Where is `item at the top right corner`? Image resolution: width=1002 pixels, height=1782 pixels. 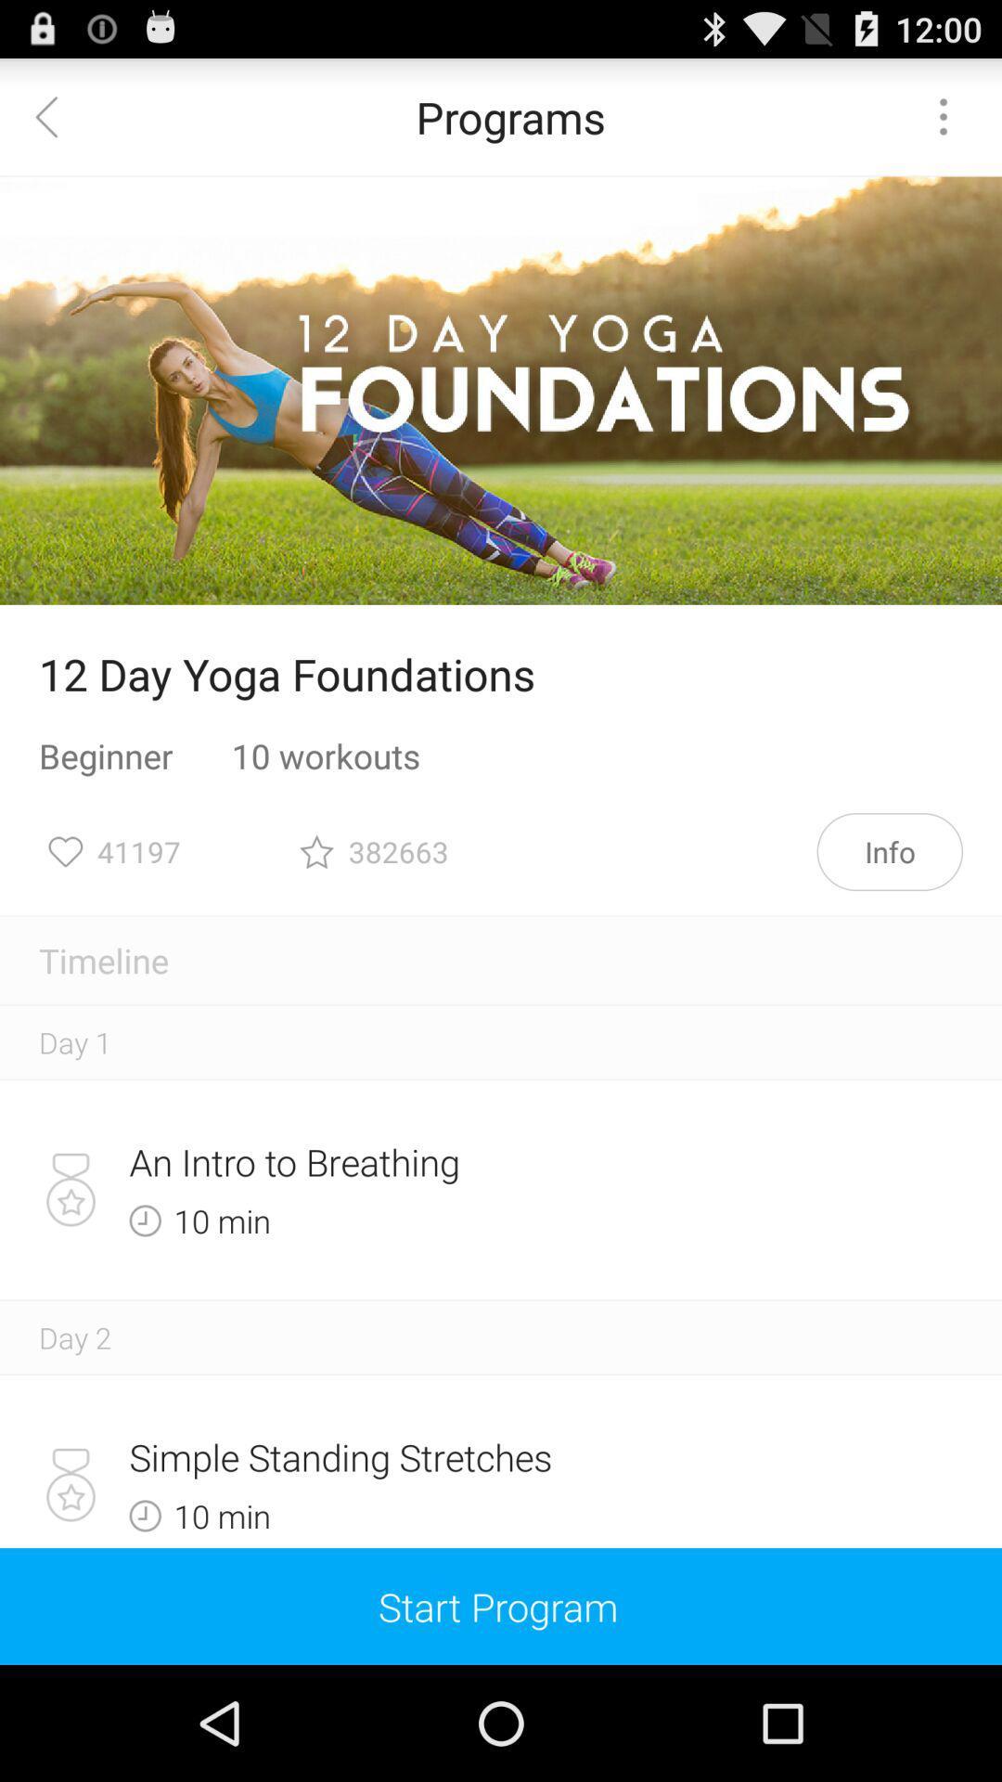 item at the top right corner is located at coordinates (944, 115).